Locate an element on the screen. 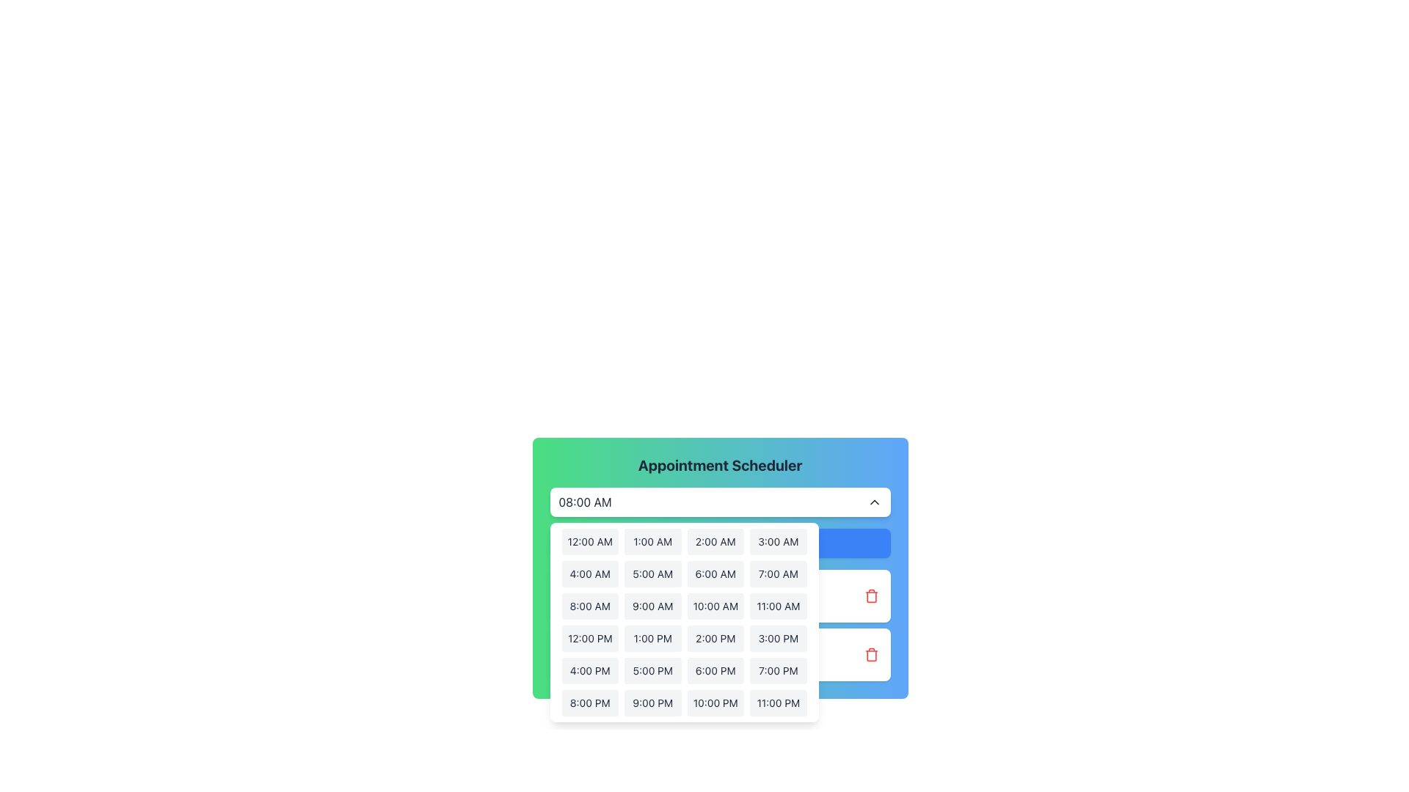  the delete button is located at coordinates (871, 654).